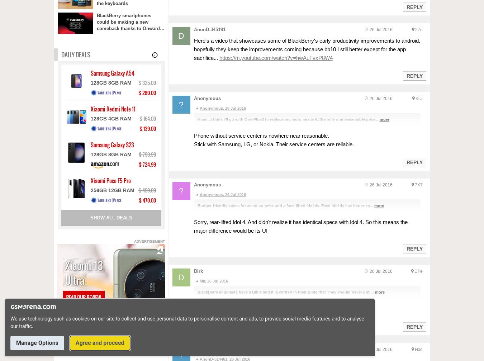  I want to click on '$ 325.00', so click(147, 82).